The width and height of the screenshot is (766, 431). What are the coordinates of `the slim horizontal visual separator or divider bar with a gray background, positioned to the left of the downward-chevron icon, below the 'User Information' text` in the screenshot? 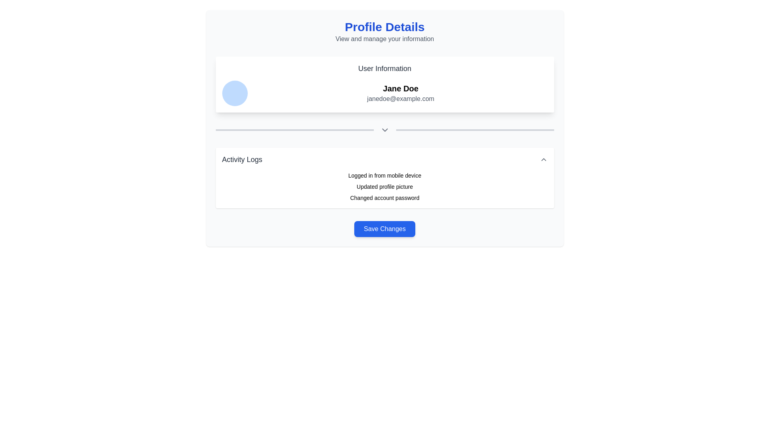 It's located at (294, 130).